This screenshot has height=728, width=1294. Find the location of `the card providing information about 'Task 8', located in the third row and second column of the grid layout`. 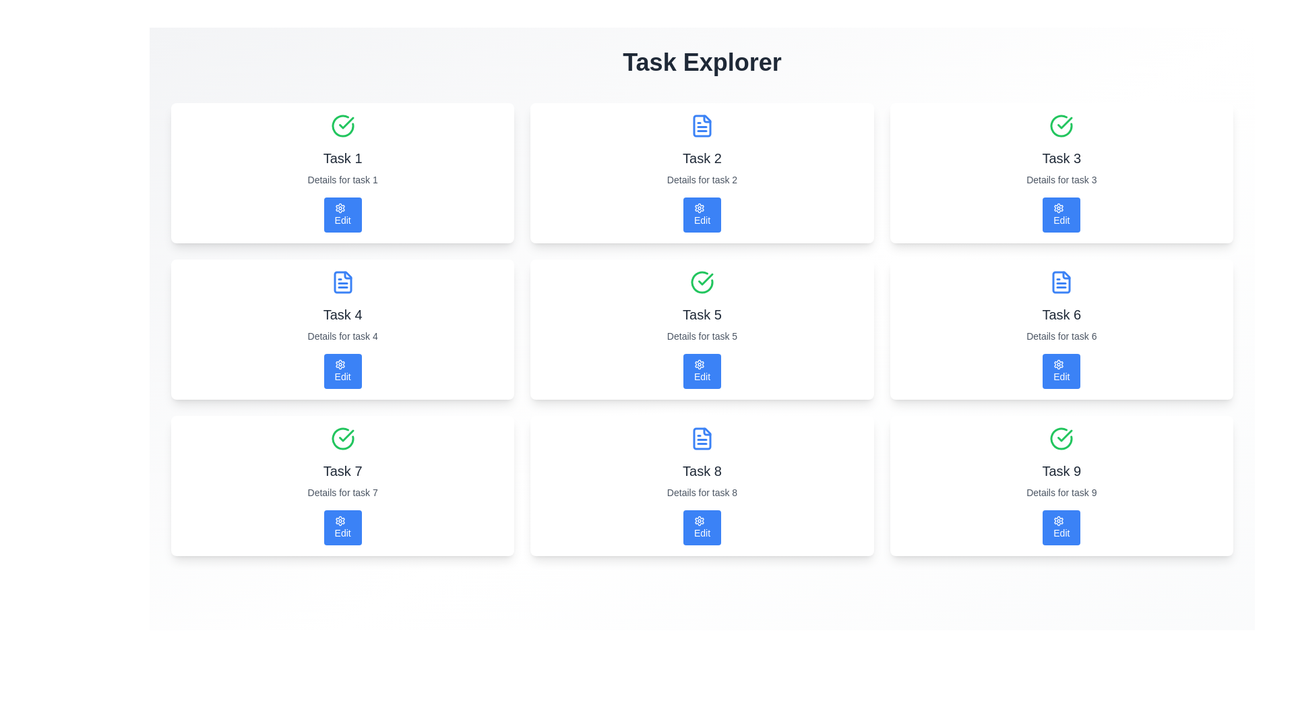

the card providing information about 'Task 8', located in the third row and second column of the grid layout is located at coordinates (701, 486).